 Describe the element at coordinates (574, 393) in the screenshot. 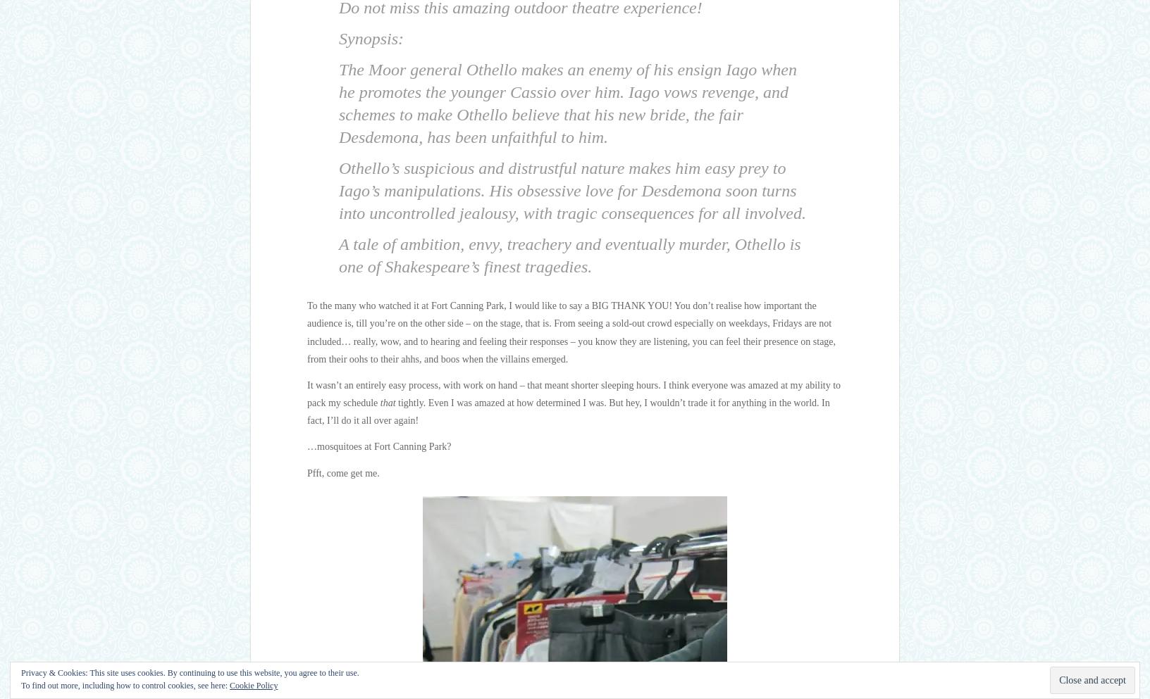

I see `'It wasn’t an entirely easy process, with work on hand – that meant shorter sleeping hours. I think everyone was amazed at my ability to pack my schedule'` at that location.